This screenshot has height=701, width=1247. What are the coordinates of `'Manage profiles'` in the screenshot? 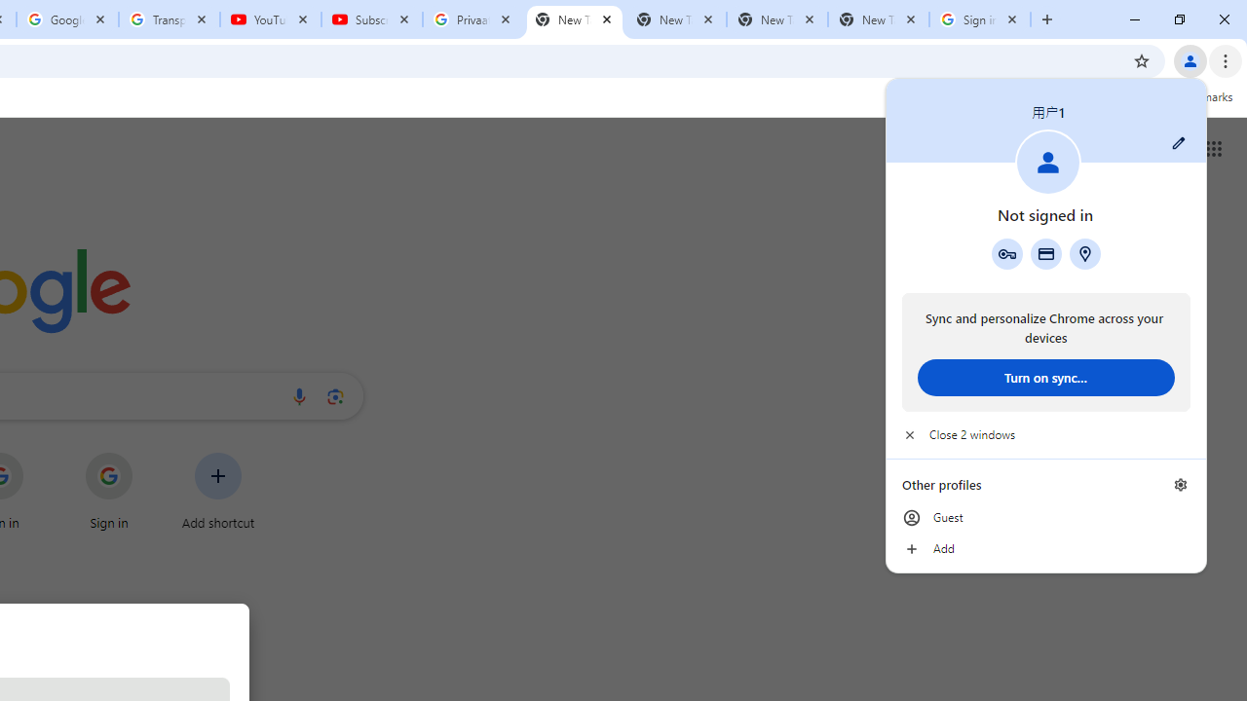 It's located at (1180, 484).